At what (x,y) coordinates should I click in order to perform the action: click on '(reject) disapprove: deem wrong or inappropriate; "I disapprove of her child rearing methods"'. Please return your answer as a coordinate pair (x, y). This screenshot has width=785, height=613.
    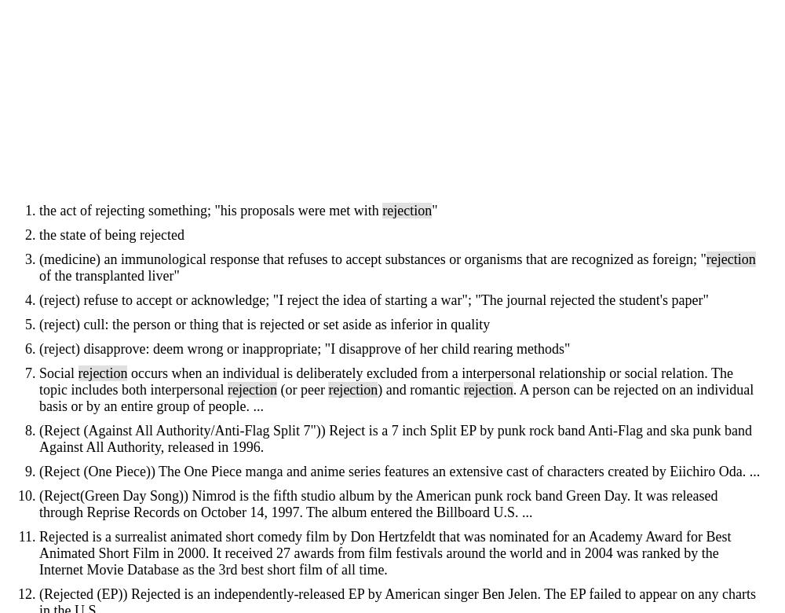
    Looking at the image, I should click on (305, 348).